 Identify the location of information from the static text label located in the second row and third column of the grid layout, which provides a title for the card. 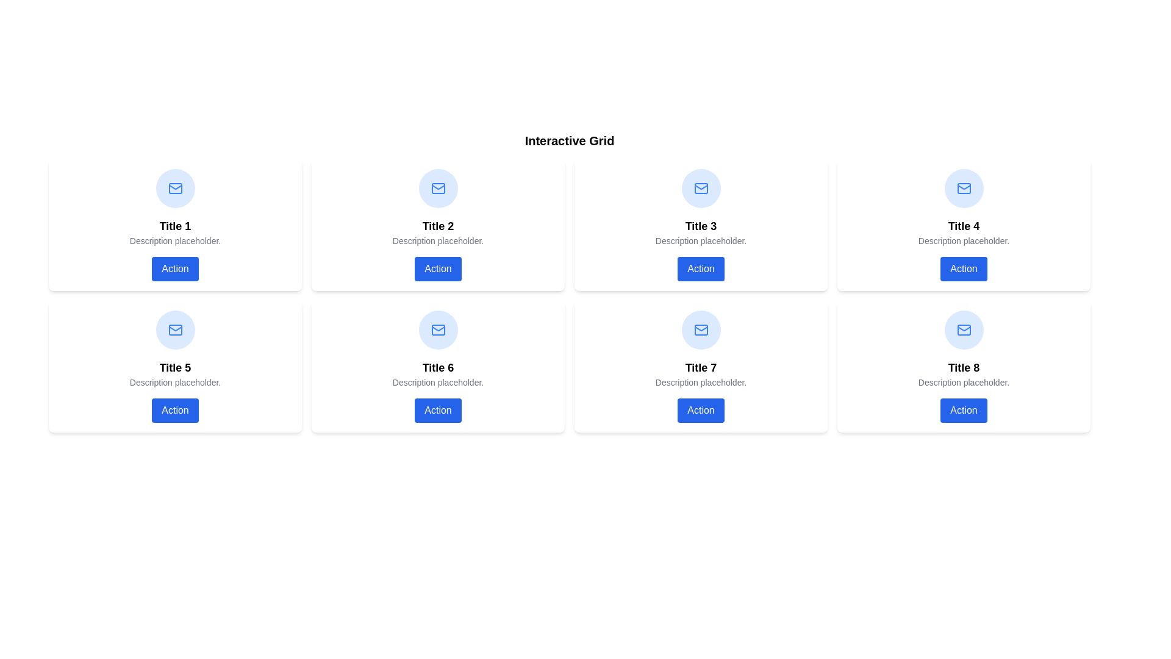
(963, 226).